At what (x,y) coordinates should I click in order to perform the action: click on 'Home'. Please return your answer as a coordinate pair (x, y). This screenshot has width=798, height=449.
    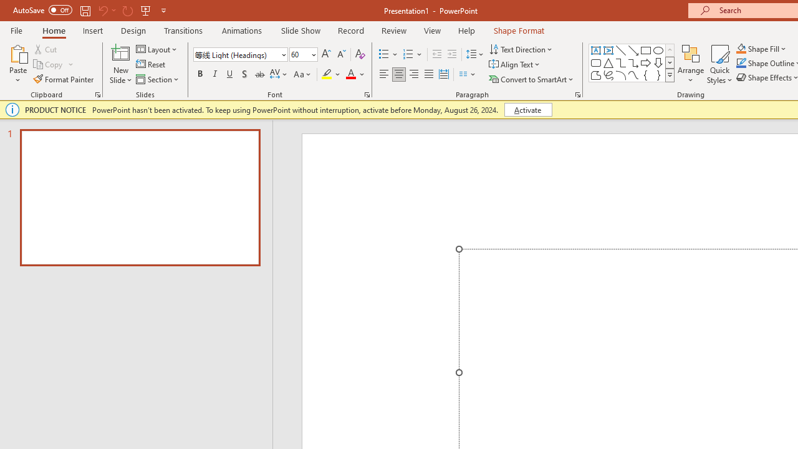
    Looking at the image, I should click on (53, 30).